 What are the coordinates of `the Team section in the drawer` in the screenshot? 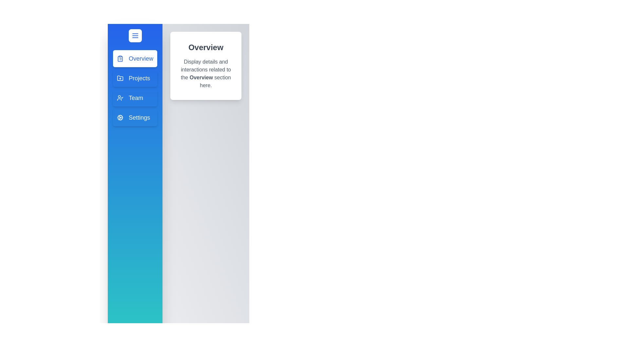 It's located at (135, 98).